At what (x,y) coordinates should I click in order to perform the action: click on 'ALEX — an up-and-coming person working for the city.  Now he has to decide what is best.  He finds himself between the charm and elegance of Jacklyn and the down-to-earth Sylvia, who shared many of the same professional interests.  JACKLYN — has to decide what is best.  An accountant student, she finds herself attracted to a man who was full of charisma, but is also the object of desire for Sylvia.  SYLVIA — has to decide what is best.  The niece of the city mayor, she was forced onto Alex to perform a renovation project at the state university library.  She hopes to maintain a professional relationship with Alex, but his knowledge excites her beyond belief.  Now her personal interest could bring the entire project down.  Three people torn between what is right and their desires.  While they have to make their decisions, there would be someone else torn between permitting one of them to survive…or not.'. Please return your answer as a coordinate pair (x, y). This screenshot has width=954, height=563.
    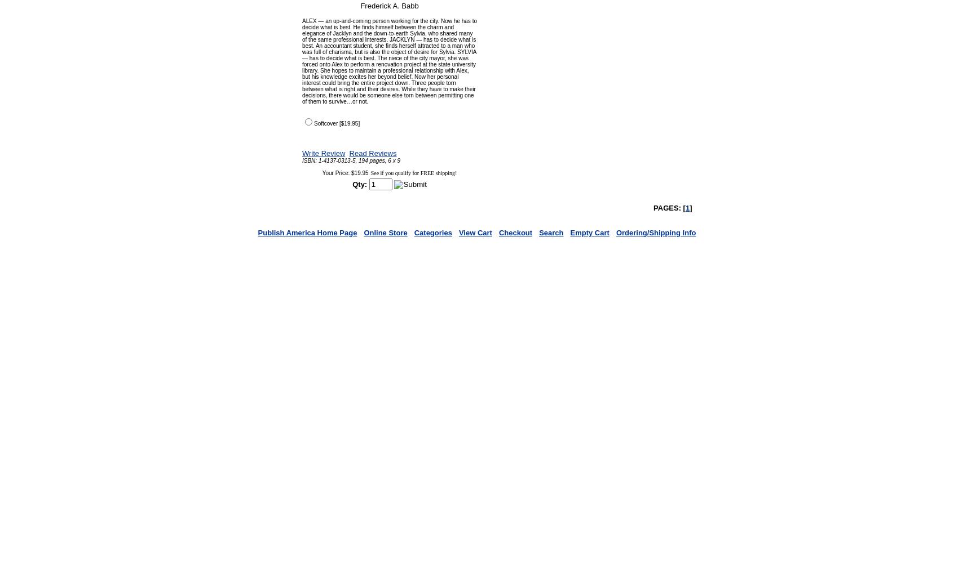
    Looking at the image, I should click on (389, 61).